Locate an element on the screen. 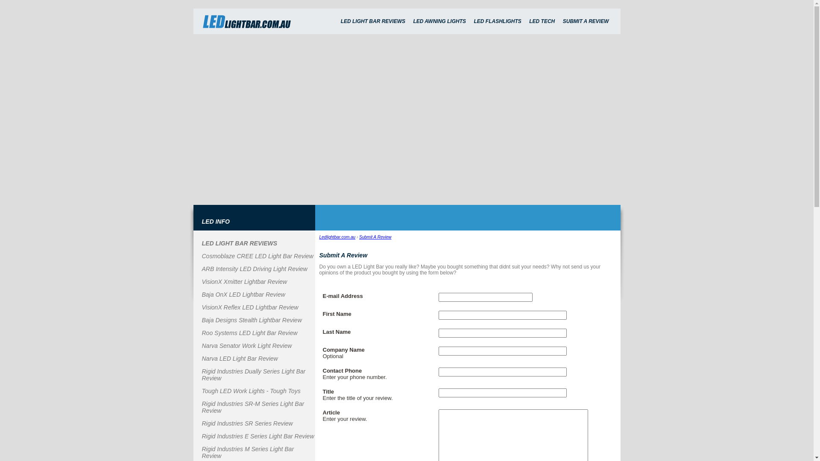 The width and height of the screenshot is (820, 461). 'Narva Senator Work Light Review' is located at coordinates (246, 346).